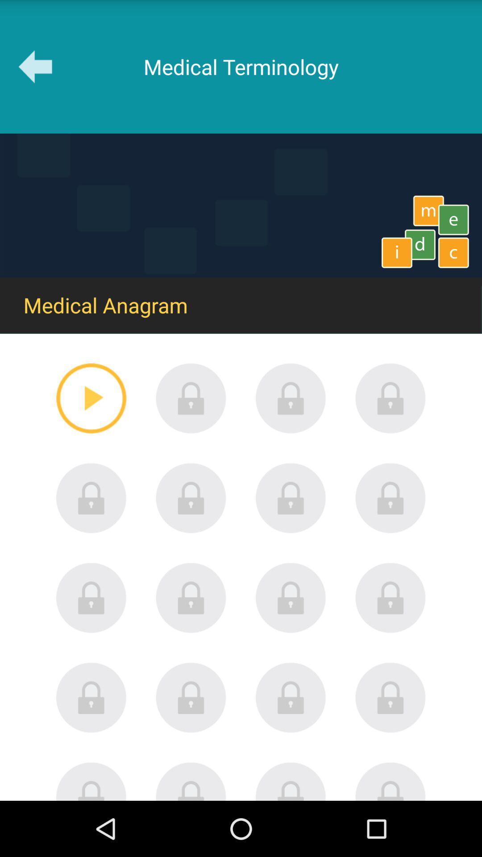  I want to click on selected item, so click(91, 398).